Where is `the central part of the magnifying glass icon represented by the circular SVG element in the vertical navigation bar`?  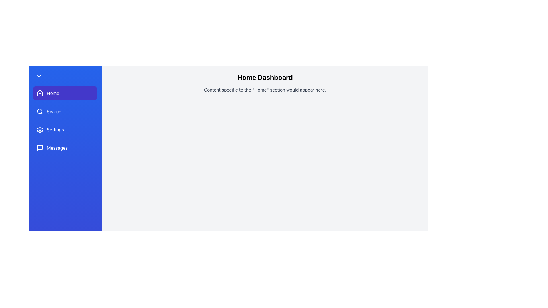 the central part of the magnifying glass icon represented by the circular SVG element in the vertical navigation bar is located at coordinates (39, 111).